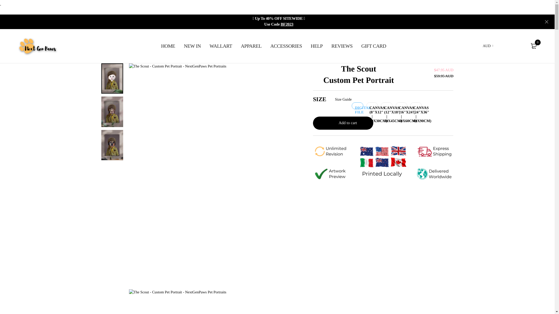  What do you see at coordinates (374, 46) in the screenshot?
I see `'GIFT CARD'` at bounding box center [374, 46].